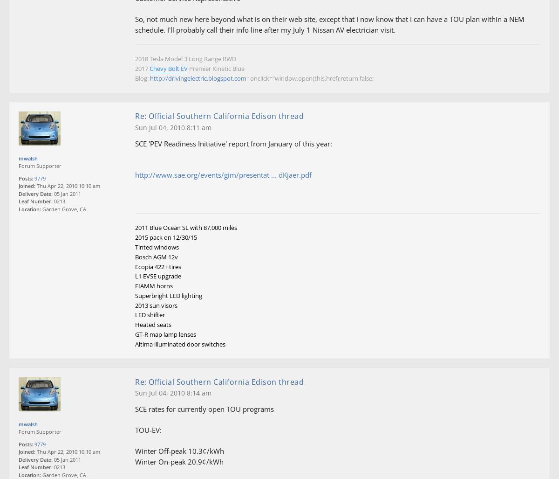 Image resolution: width=559 pixels, height=479 pixels. Describe the element at coordinates (186, 228) in the screenshot. I see `'2011 Blue Ocean SL with 87,000 miles'` at that location.